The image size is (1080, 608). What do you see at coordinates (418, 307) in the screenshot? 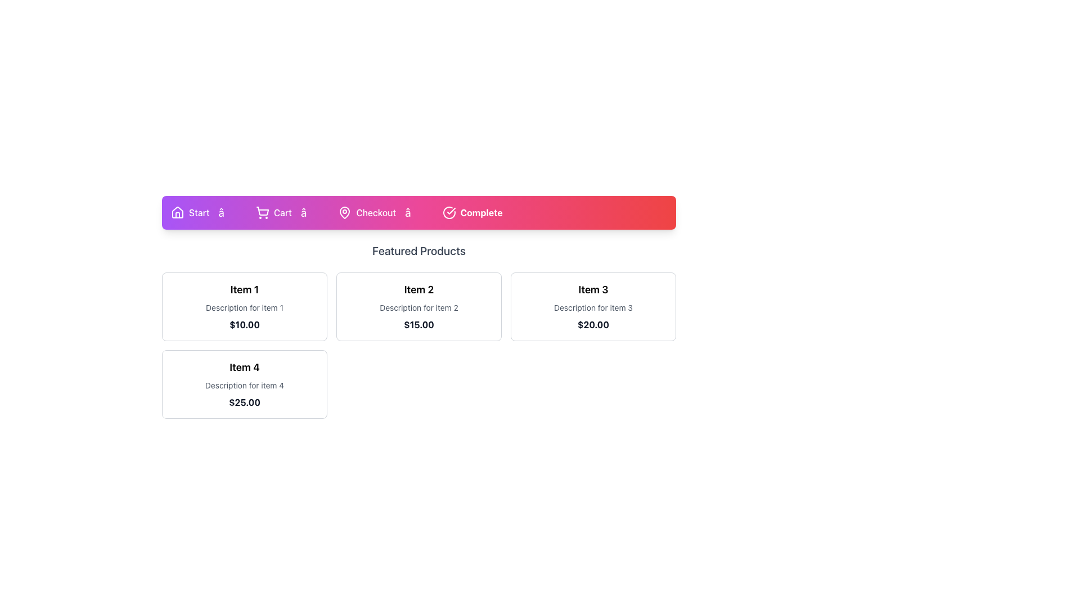
I see `the product card located in the second column of the first row within the 'Featured Products' grid layout` at bounding box center [418, 307].